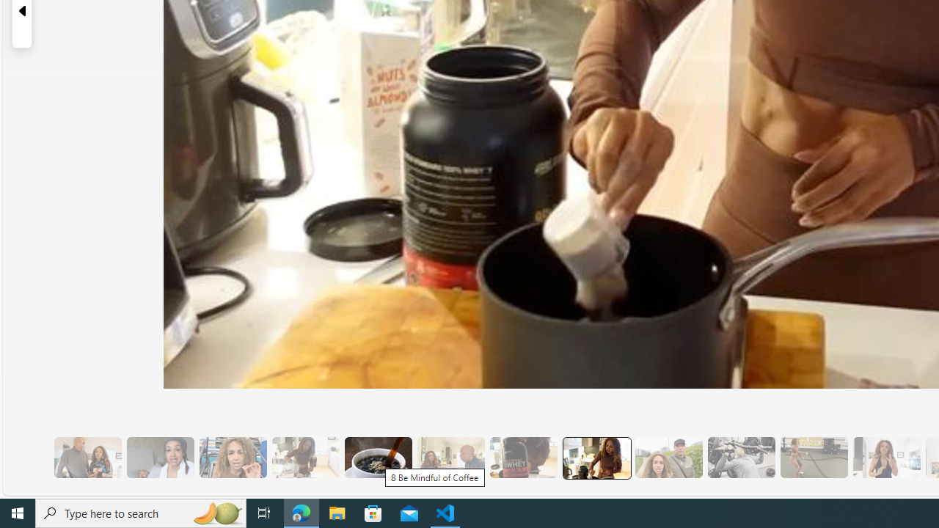  What do you see at coordinates (741, 457) in the screenshot?
I see `'9 They Do Bench Exercises'` at bounding box center [741, 457].